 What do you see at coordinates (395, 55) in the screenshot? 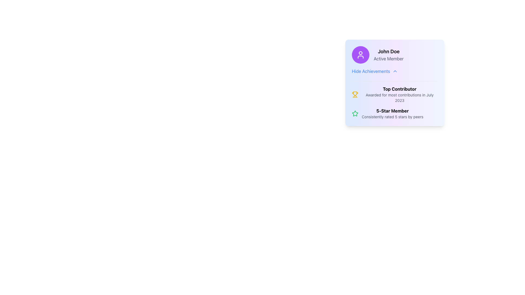
I see `displayed text from the User Profile Display element showing 'John Doe' and 'Active Member'` at bounding box center [395, 55].